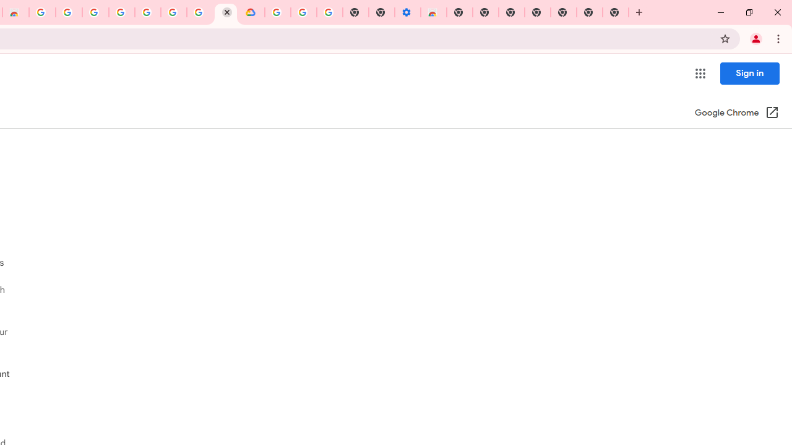  I want to click on 'Google Chrome (Open in a new window)', so click(737, 113).